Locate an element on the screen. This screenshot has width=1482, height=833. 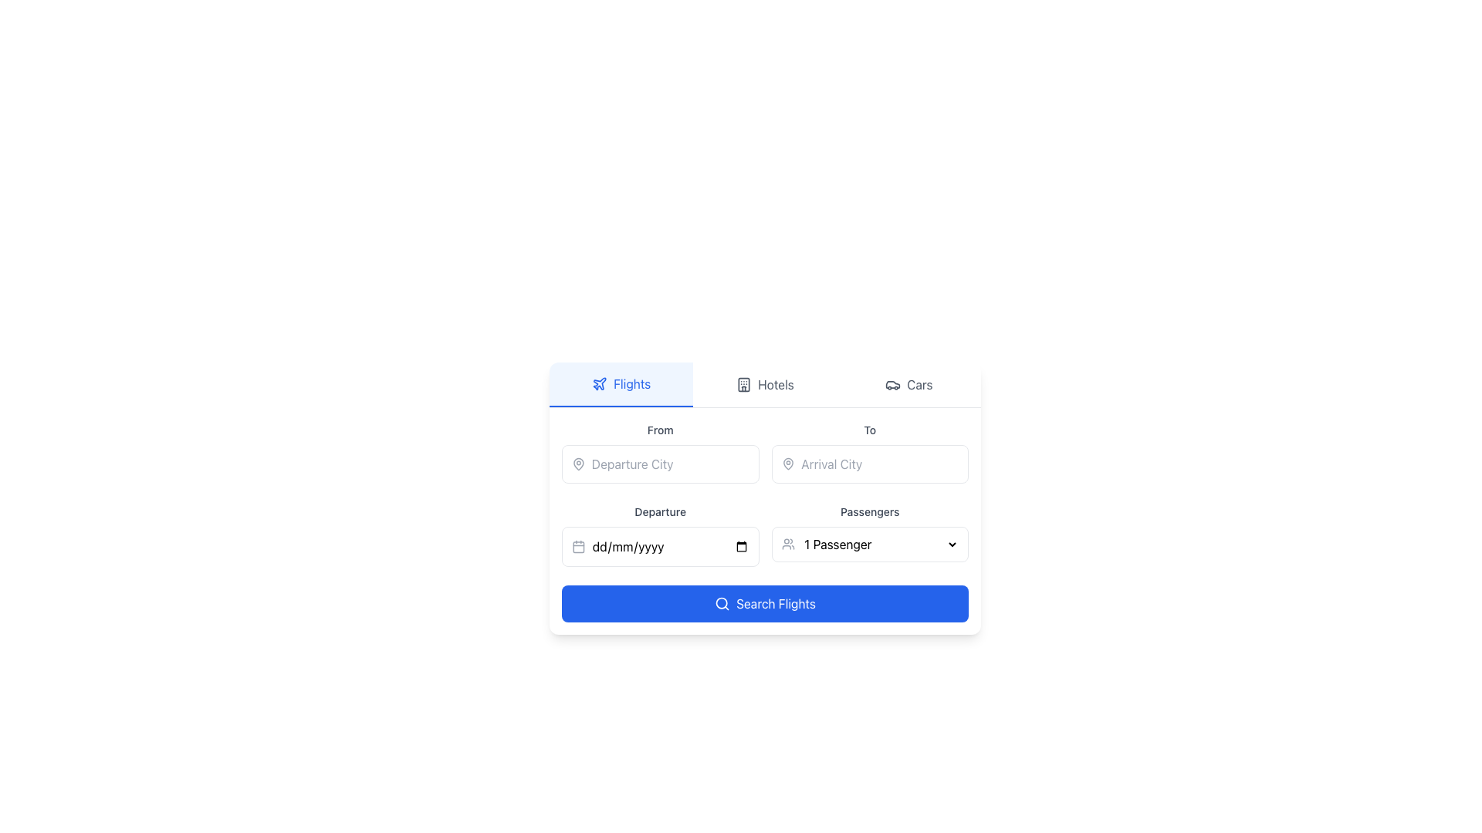
the search icon located on the left side of the 'Search Flights' button is located at coordinates (722, 603).